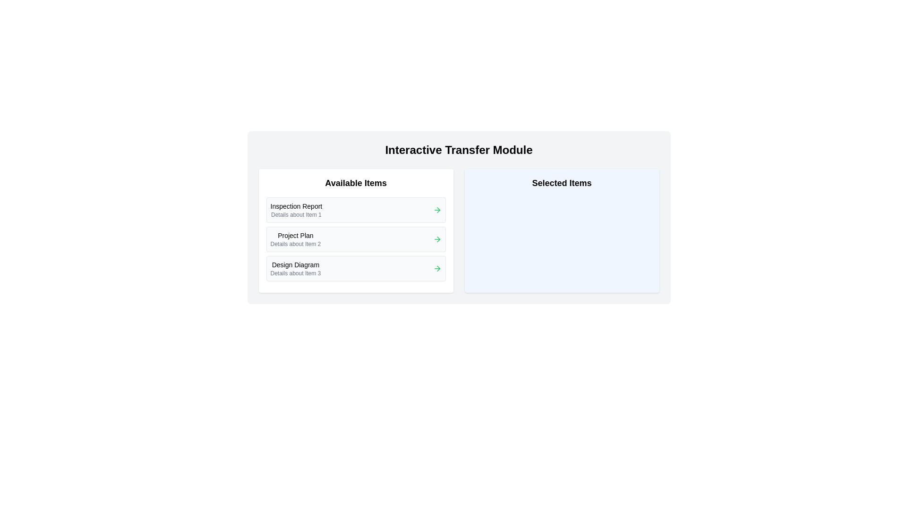 This screenshot has width=907, height=510. I want to click on the first list item, so click(355, 209).